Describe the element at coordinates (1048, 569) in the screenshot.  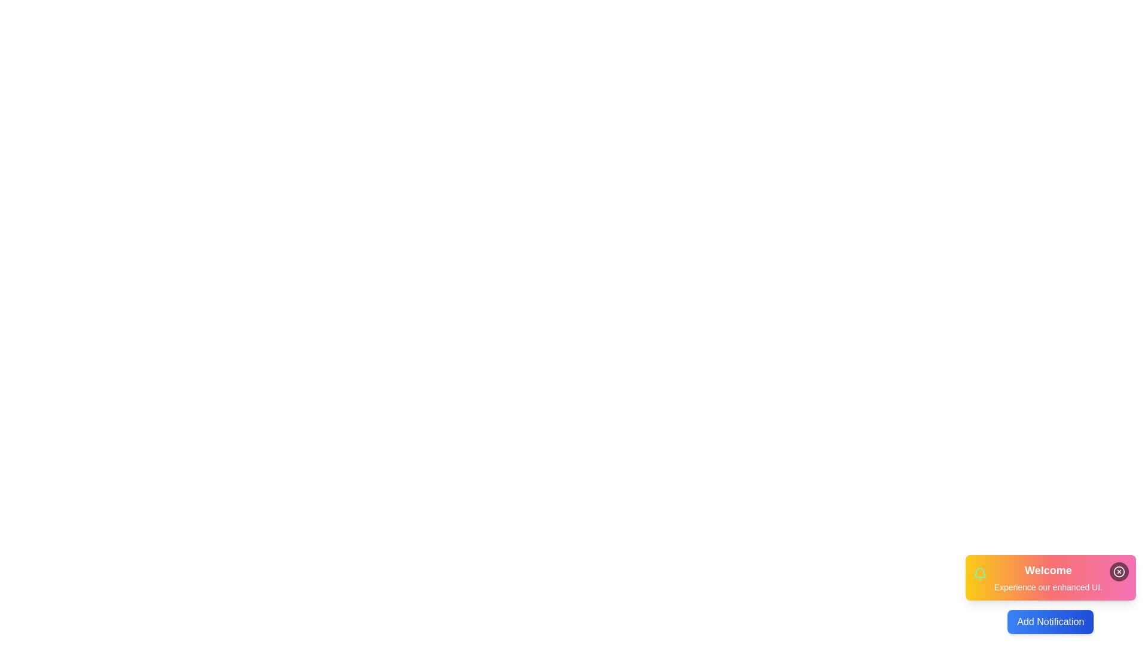
I see `the heading text label in the notification panel, which is styled with a gradient background and positioned above the smaller text section` at that location.